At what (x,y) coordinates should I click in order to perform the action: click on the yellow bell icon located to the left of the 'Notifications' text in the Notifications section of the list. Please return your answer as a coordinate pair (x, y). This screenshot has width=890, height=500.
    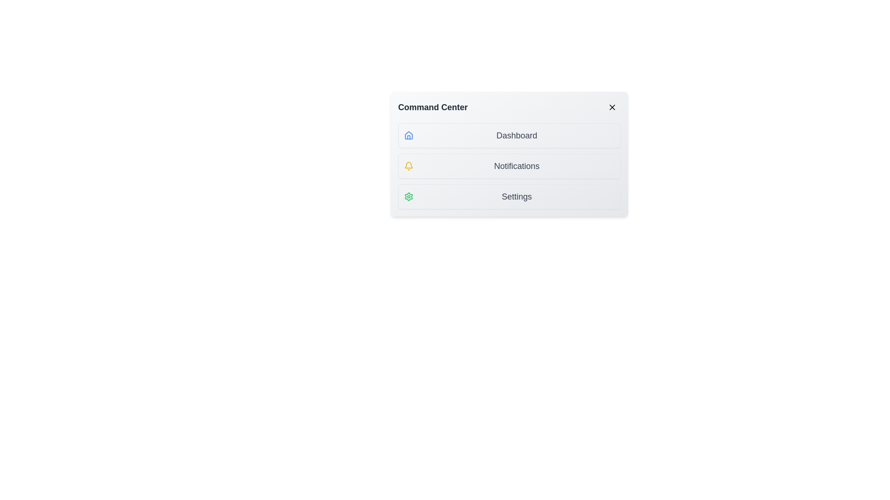
    Looking at the image, I should click on (408, 165).